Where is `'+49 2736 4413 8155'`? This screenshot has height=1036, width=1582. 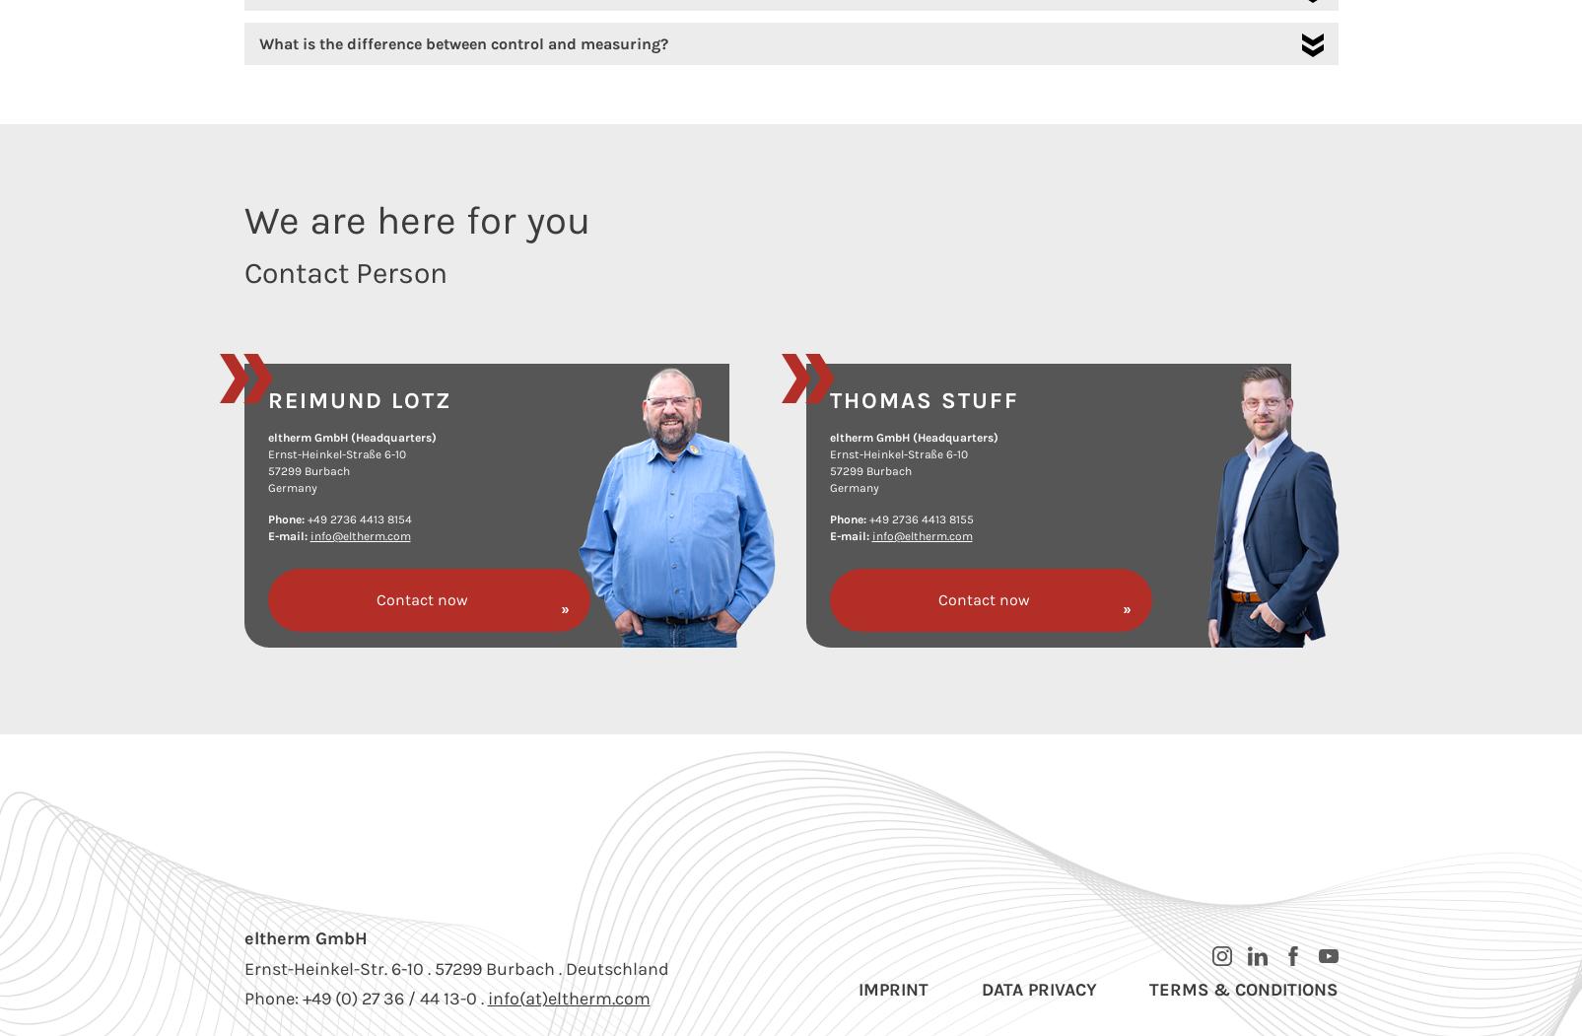 '+49 2736 4413 8155' is located at coordinates (918, 518).